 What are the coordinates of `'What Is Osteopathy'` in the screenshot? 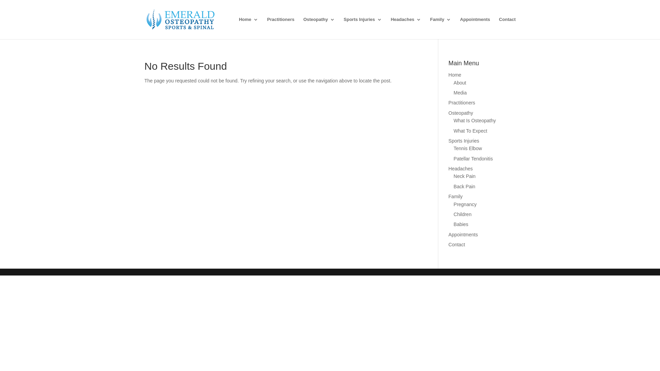 It's located at (474, 120).